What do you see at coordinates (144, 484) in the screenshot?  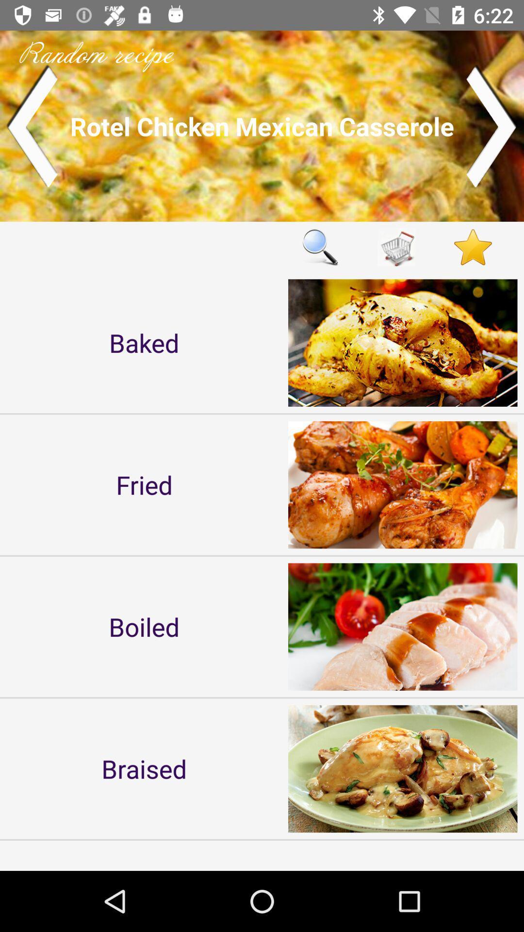 I see `item below baked` at bounding box center [144, 484].